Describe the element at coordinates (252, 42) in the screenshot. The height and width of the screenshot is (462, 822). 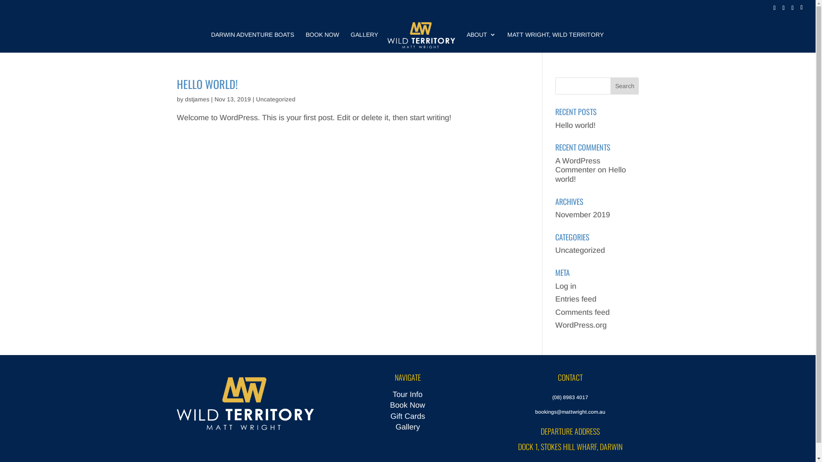
I see `'DARWIN ADVENTURE BOATS'` at that location.